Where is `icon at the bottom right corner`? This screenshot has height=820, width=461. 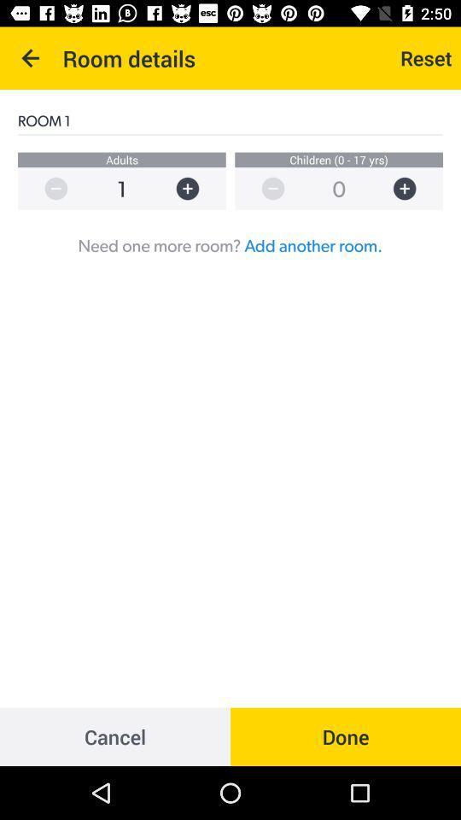 icon at the bottom right corner is located at coordinates (346, 735).